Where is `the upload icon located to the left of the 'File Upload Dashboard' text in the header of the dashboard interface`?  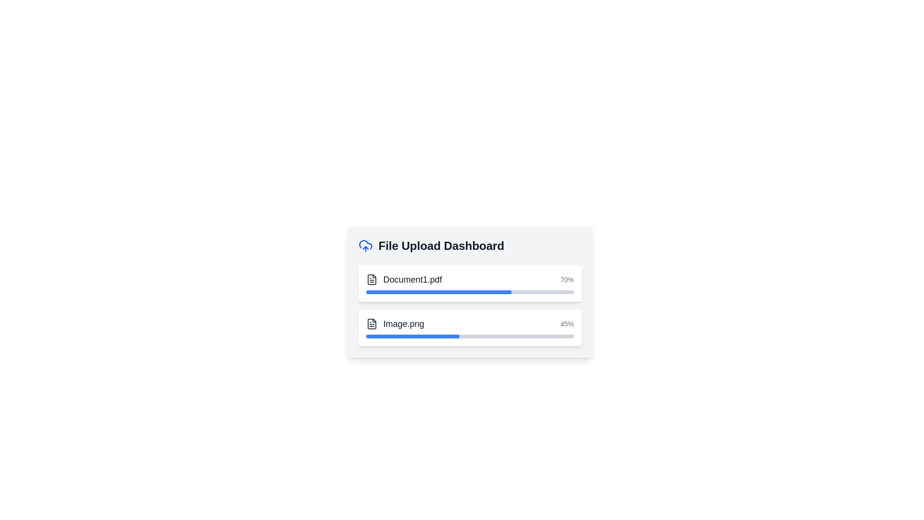 the upload icon located to the left of the 'File Upload Dashboard' text in the header of the dashboard interface is located at coordinates (365, 245).